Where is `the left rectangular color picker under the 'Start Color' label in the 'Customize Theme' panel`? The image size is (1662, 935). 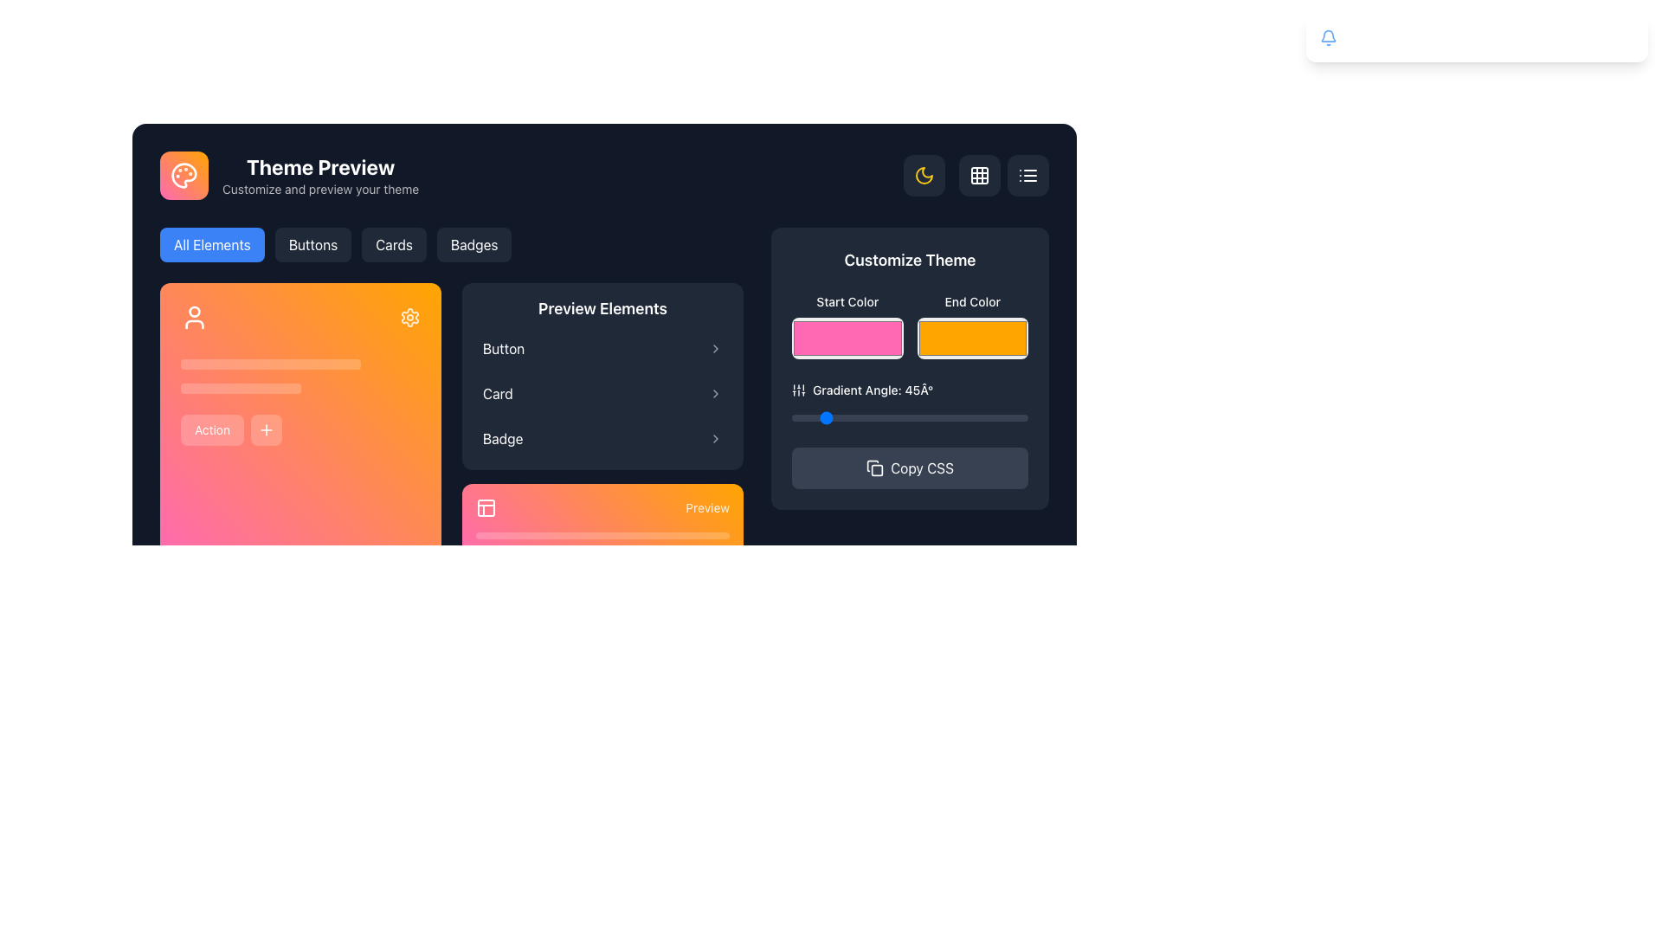 the left rectangular color picker under the 'Start Color' label in the 'Customize Theme' panel is located at coordinates (847, 327).